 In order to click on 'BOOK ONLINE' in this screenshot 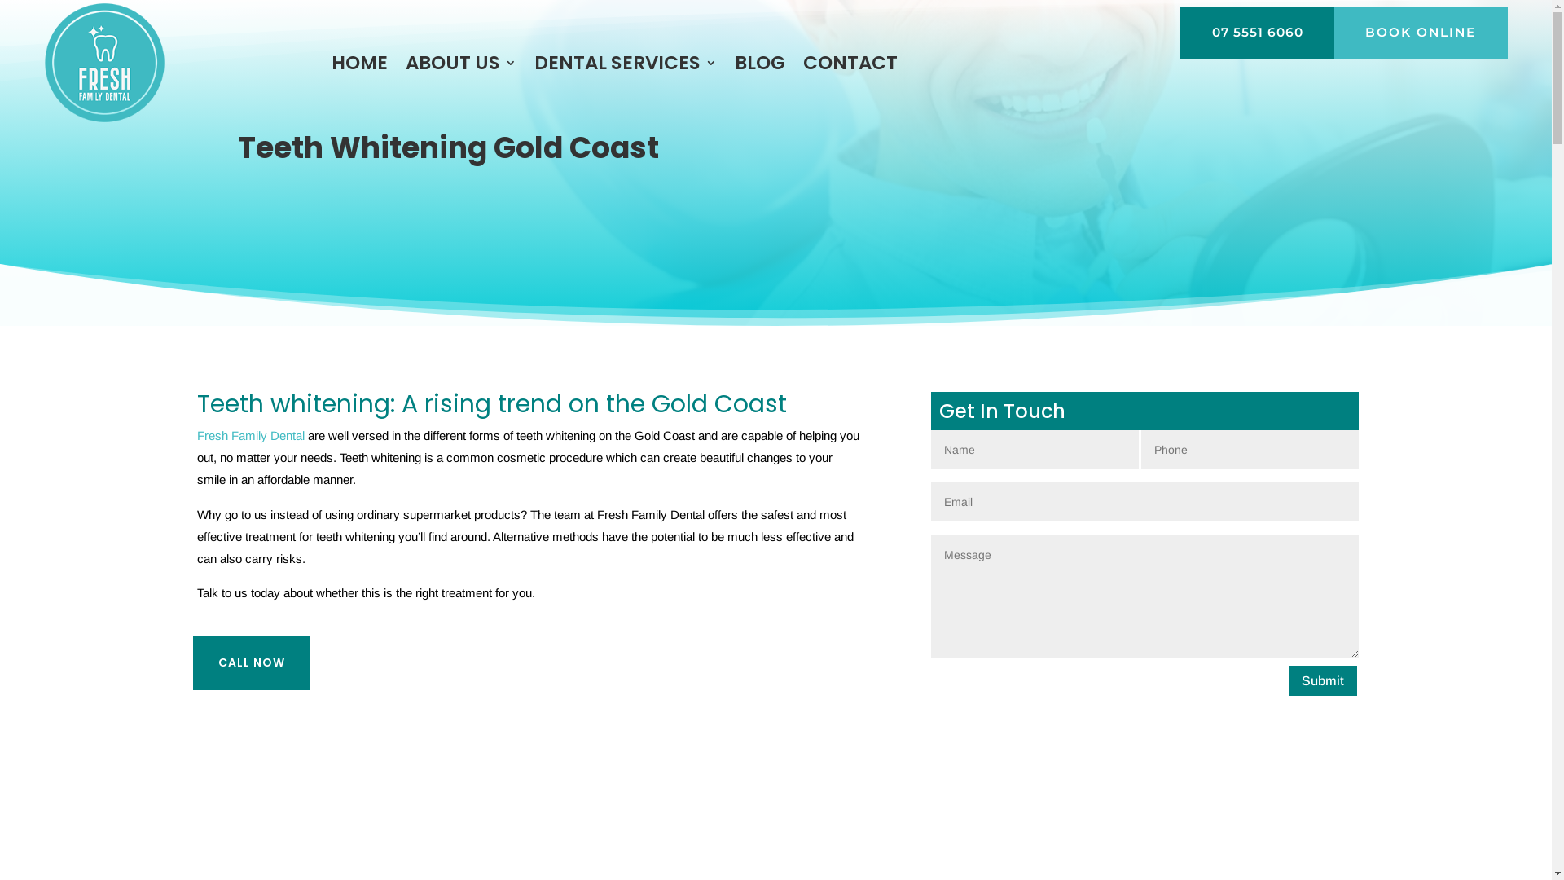, I will do `click(1333, 32)`.